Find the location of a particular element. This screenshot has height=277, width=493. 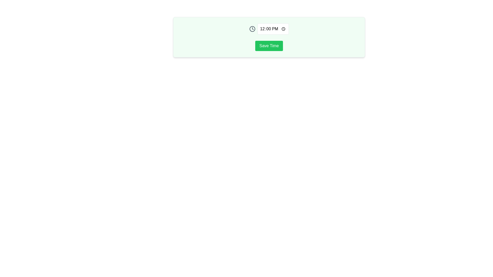

the green rectangular button labeled 'Save Time' is located at coordinates (269, 37).